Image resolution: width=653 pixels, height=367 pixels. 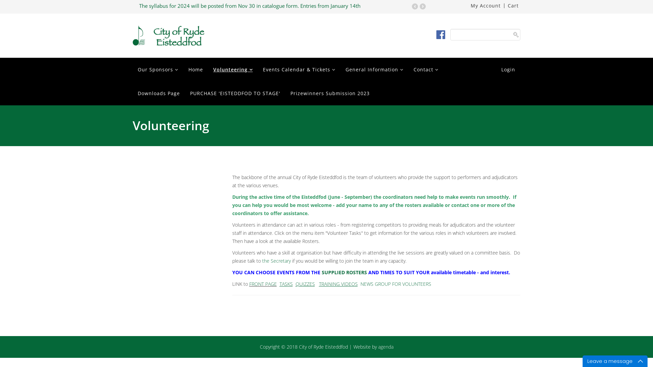 What do you see at coordinates (496, 69) in the screenshot?
I see `'Login'` at bounding box center [496, 69].